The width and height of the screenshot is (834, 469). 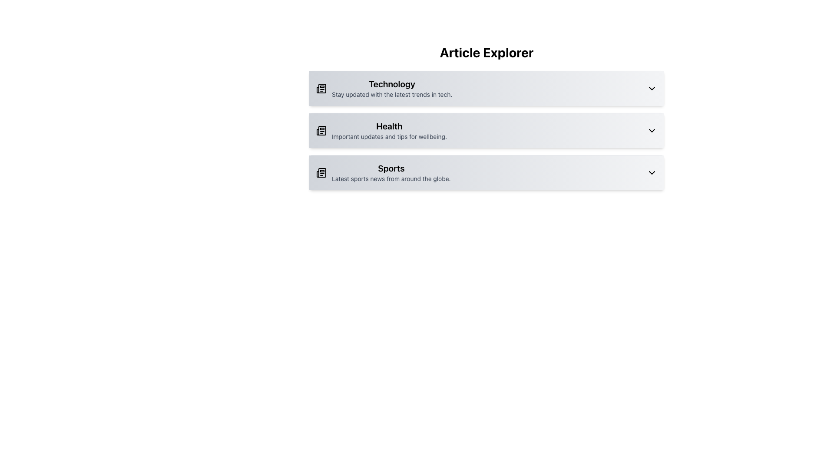 What do you see at coordinates (321, 89) in the screenshot?
I see `the newspaper icon located at the beginning of the 'Technology' row if it is enabled` at bounding box center [321, 89].